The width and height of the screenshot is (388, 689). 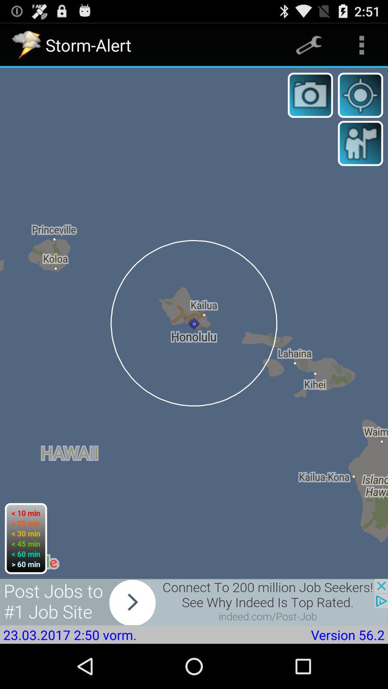 I want to click on the option above tracker icon, so click(x=361, y=44).